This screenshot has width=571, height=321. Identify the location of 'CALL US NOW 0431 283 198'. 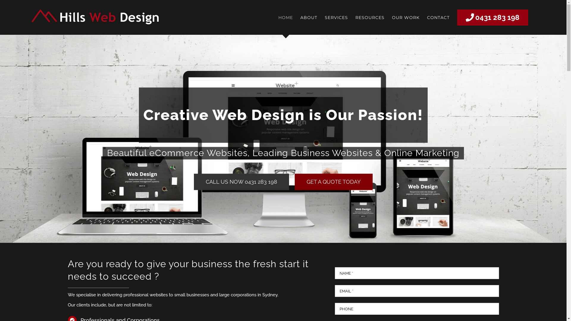
(241, 182).